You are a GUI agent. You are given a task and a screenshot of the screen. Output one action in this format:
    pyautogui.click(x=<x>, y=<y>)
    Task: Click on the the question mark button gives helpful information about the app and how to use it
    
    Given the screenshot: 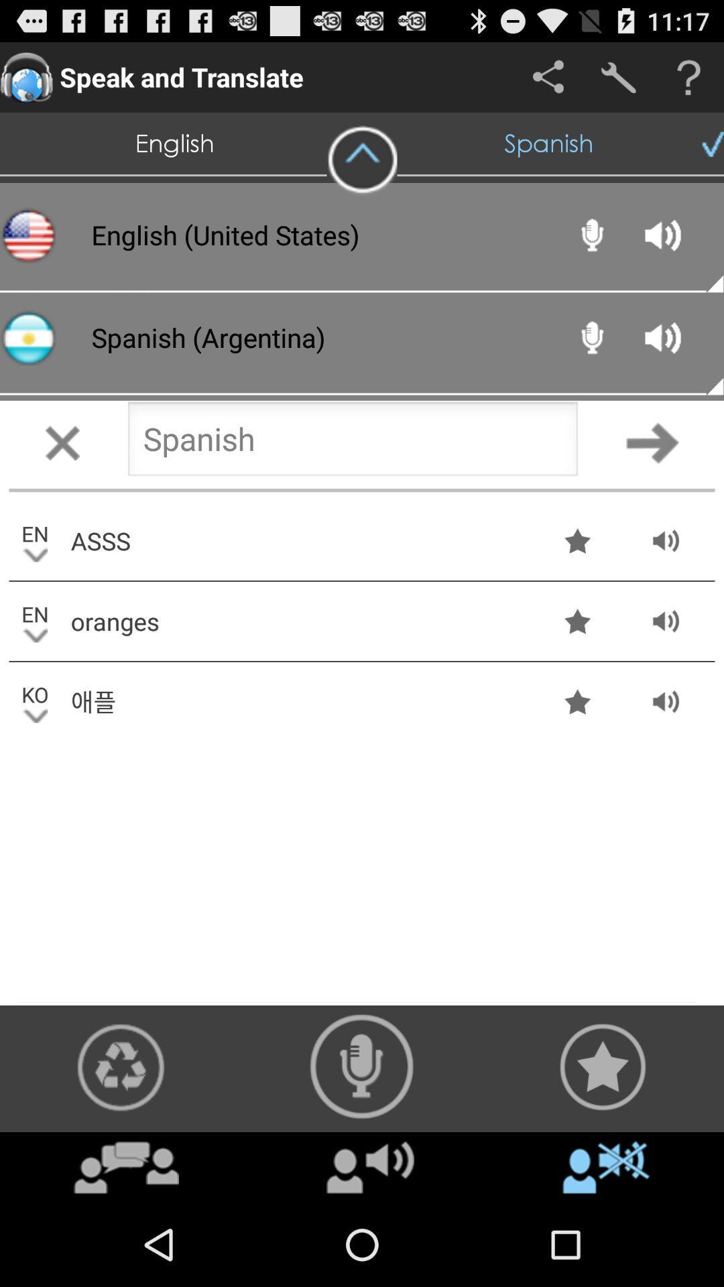 What is the action you would take?
    pyautogui.click(x=688, y=76)
    